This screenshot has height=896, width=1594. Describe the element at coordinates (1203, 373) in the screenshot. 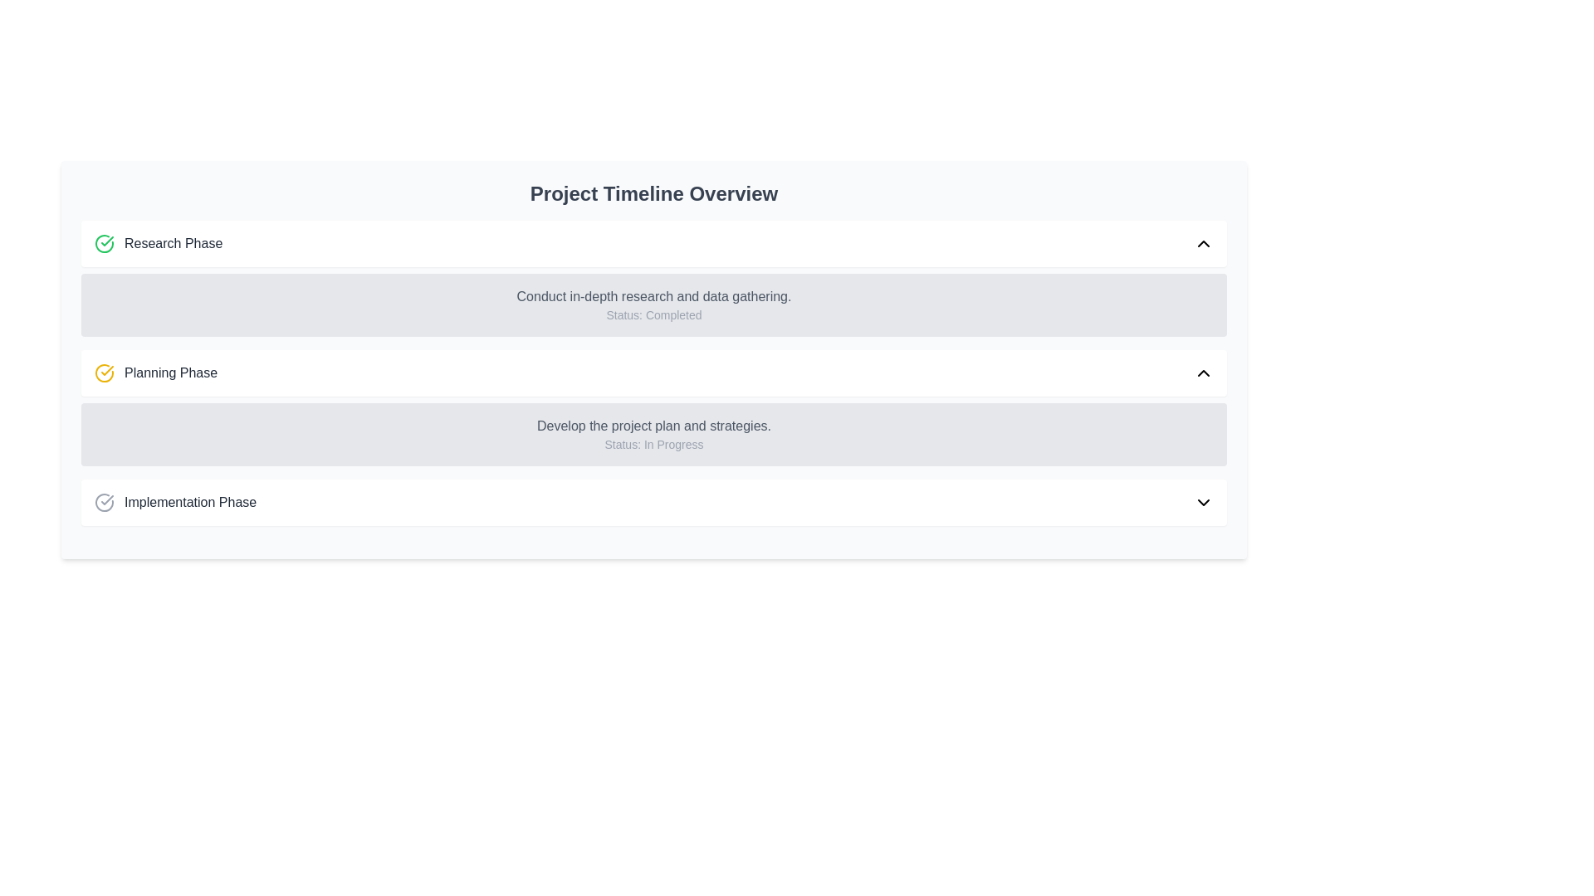

I see `the upward-pointing chevron icon in the small, square button area` at that location.